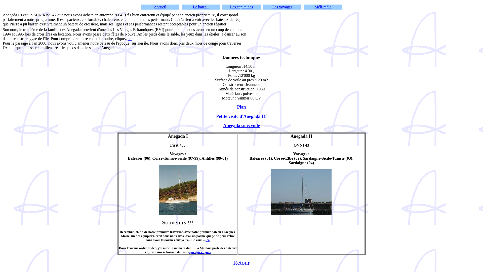 The height and width of the screenshot is (272, 483). Describe the element at coordinates (223, 125) in the screenshot. I see `'Anegada sous voile'` at that location.